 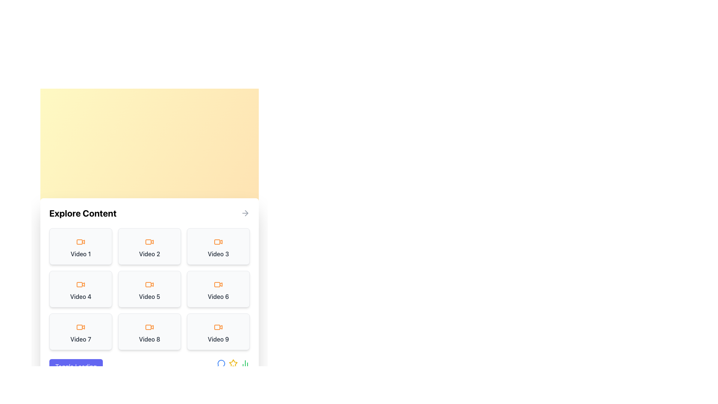 What do you see at coordinates (217, 327) in the screenshot?
I see `the orange video camera icon` at bounding box center [217, 327].